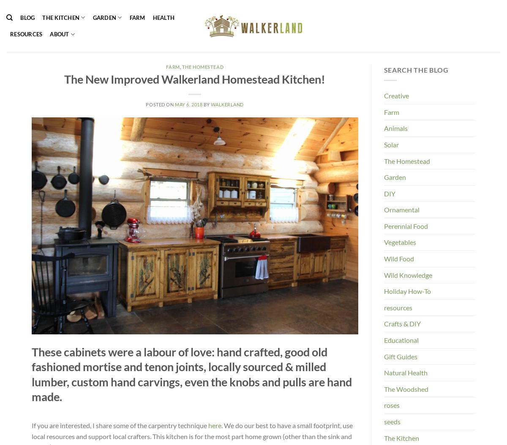 Image resolution: width=507 pixels, height=445 pixels. What do you see at coordinates (20, 17) in the screenshot?
I see `'Blog'` at bounding box center [20, 17].